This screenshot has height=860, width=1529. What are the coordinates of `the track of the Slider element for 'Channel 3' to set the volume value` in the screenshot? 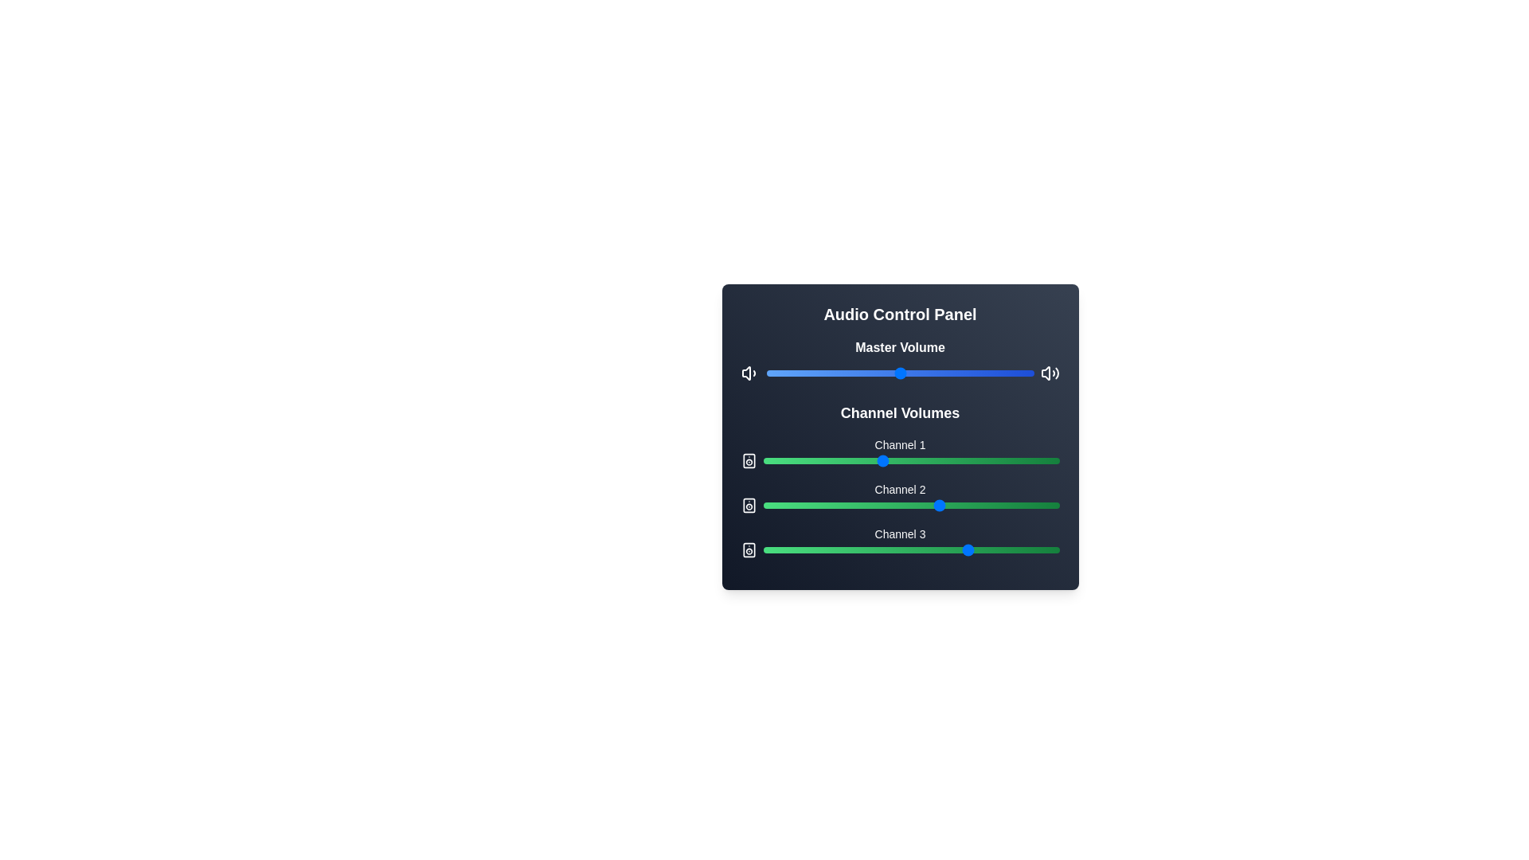 It's located at (900, 549).